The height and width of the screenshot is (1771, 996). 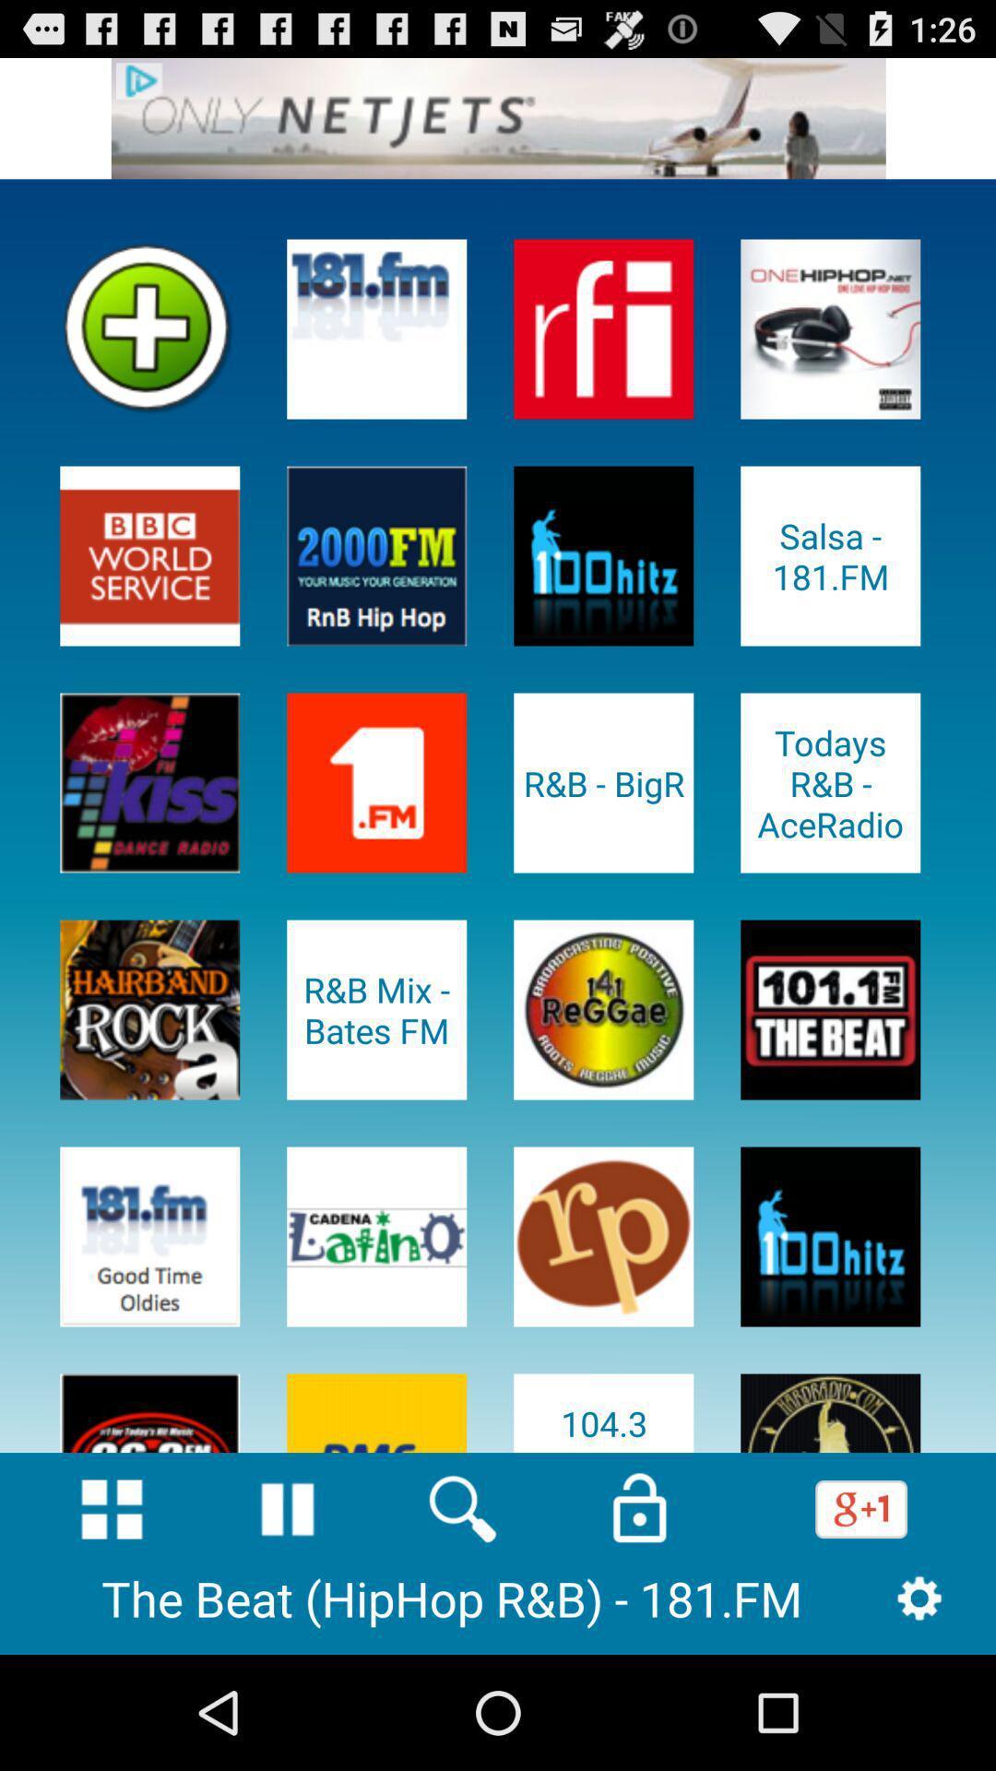 What do you see at coordinates (462, 1509) in the screenshot?
I see `search option` at bounding box center [462, 1509].